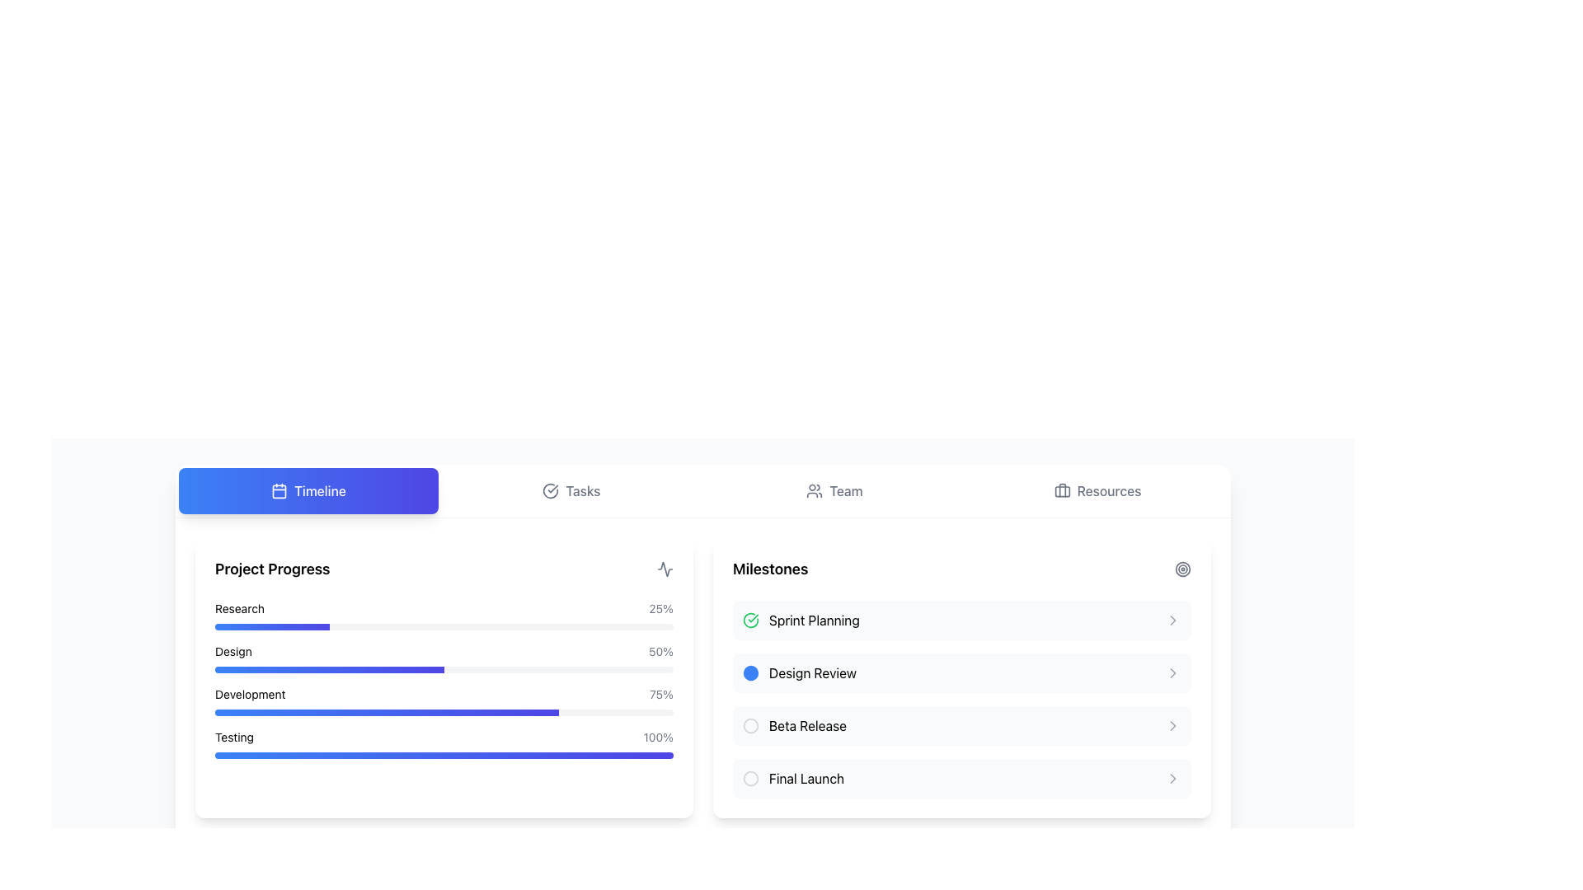 The image size is (1583, 890). Describe the element at coordinates (961, 620) in the screenshot. I see `the first list item labeled 'Sprint Planning' in the 'Milestones' section` at that location.